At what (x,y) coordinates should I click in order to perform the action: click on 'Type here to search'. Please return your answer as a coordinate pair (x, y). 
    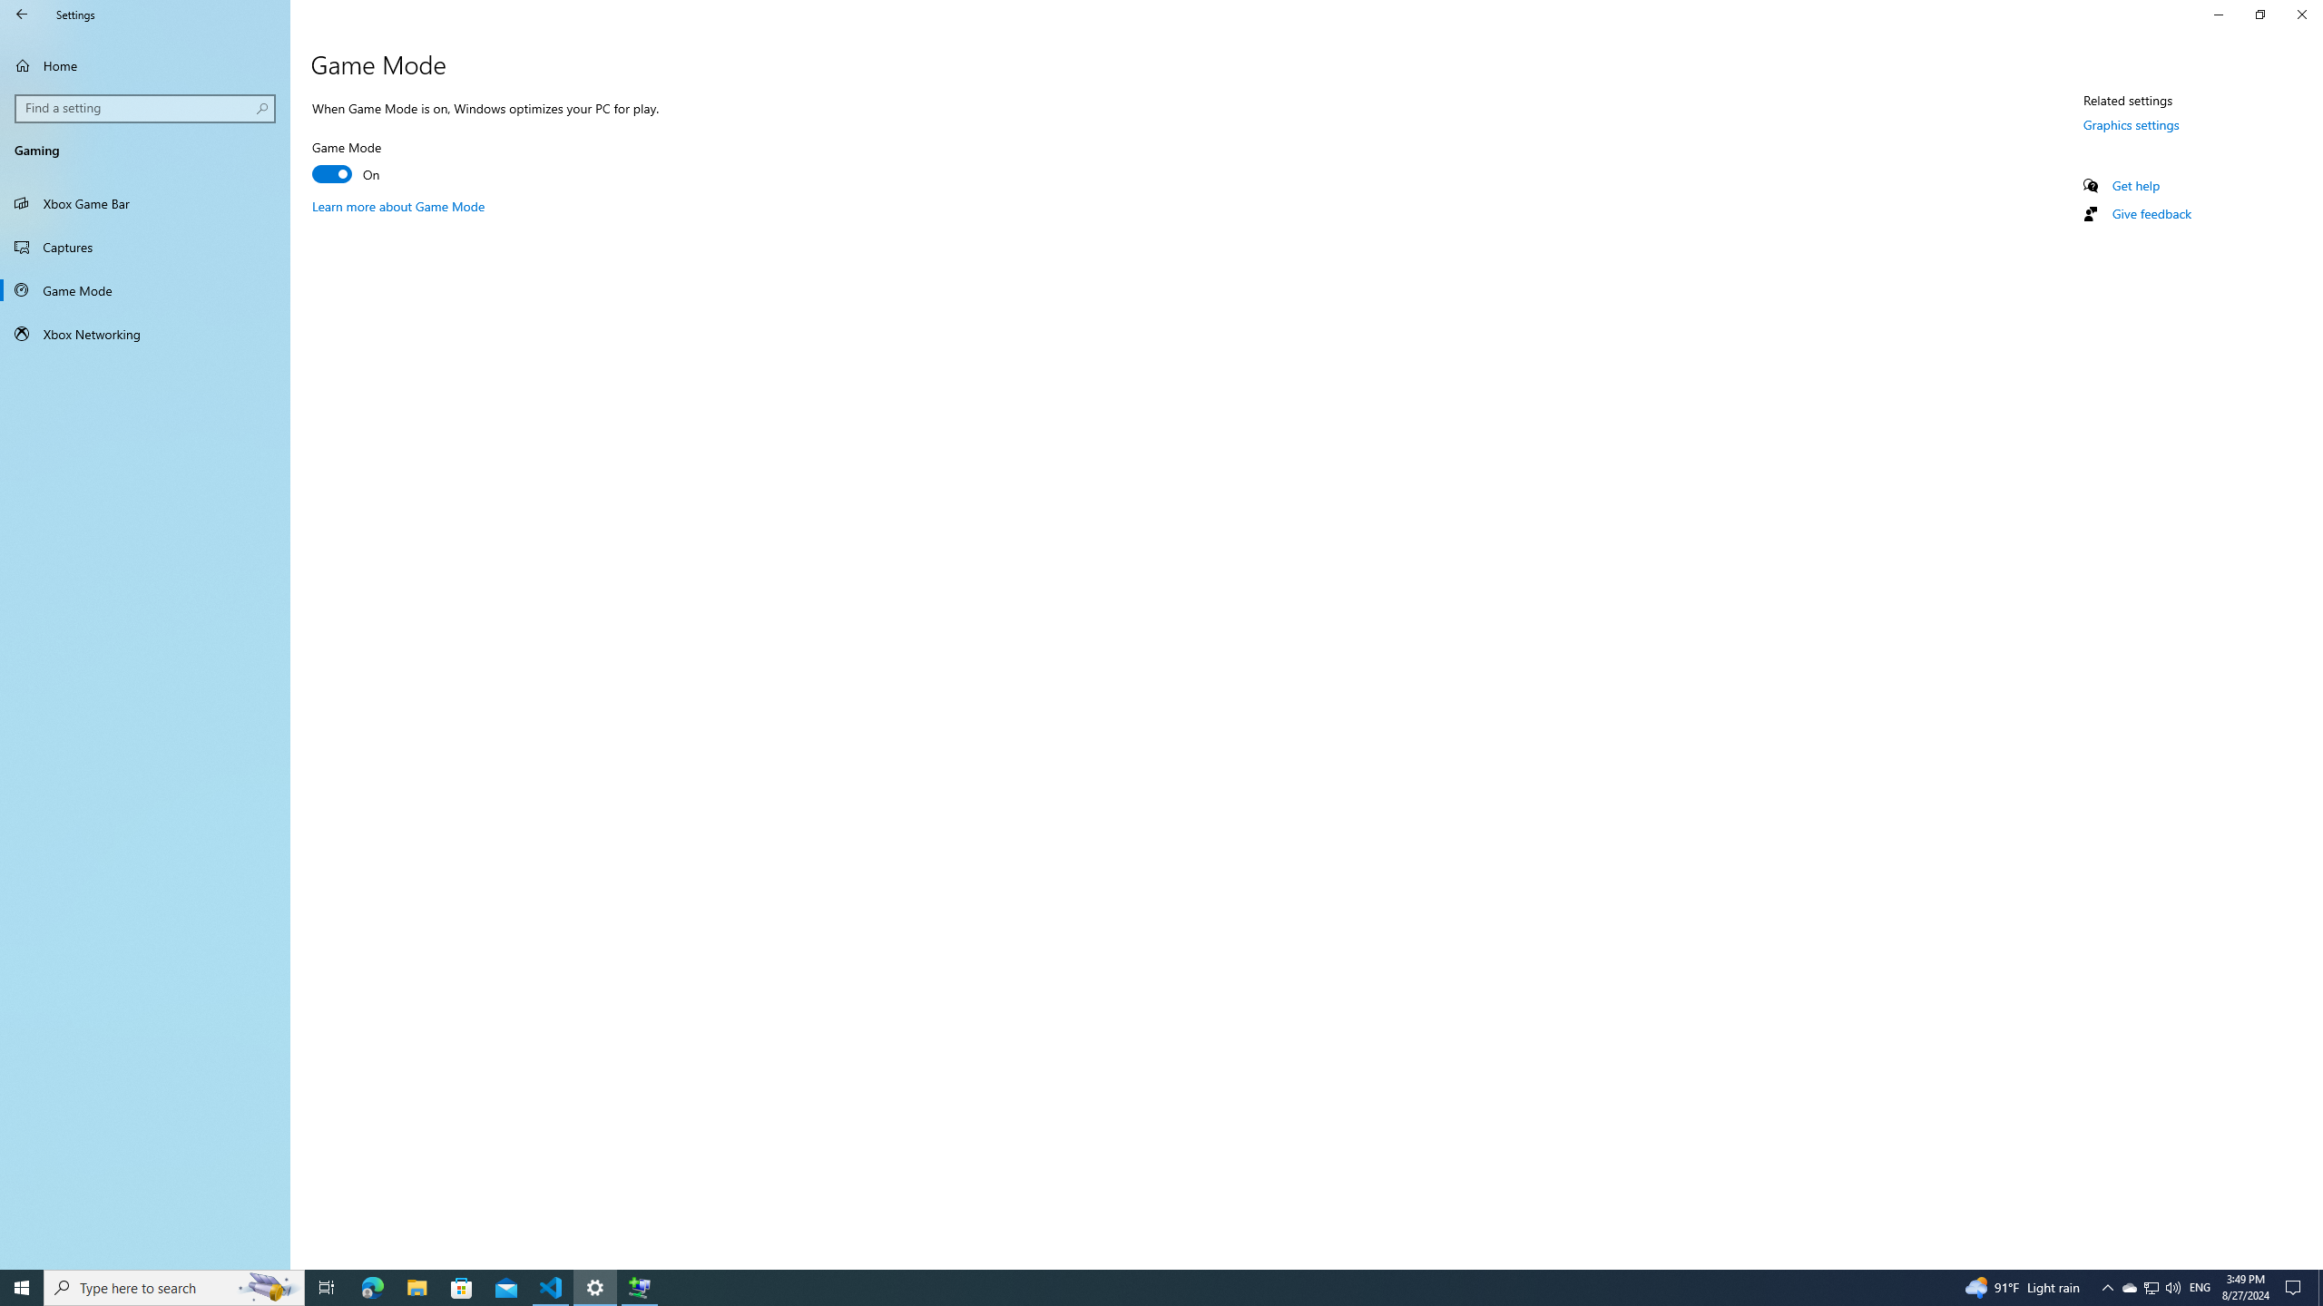
    Looking at the image, I should click on (173, 1286).